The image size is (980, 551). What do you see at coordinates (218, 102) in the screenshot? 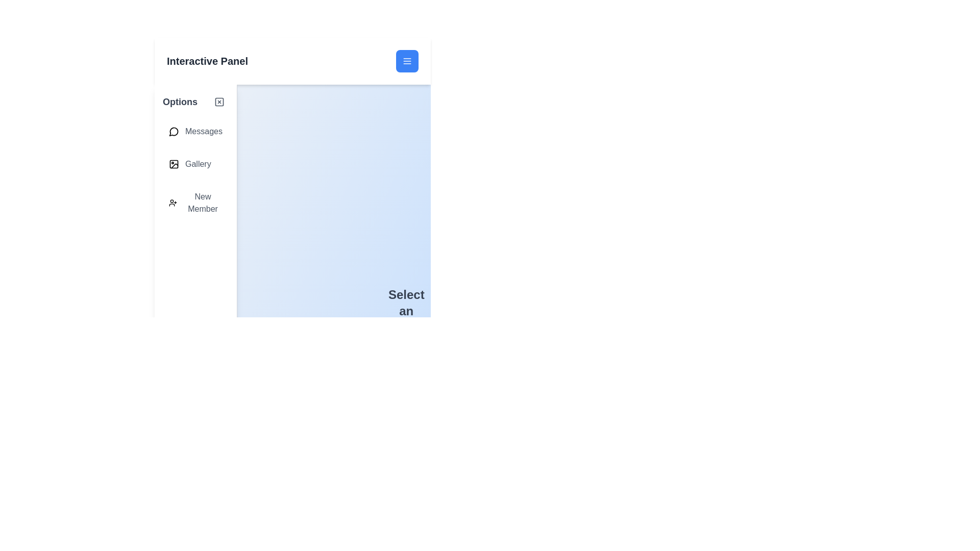
I see `the close icon button located in the left sidebar, next to the 'Options' label, above the 'Messages' icon` at bounding box center [218, 102].